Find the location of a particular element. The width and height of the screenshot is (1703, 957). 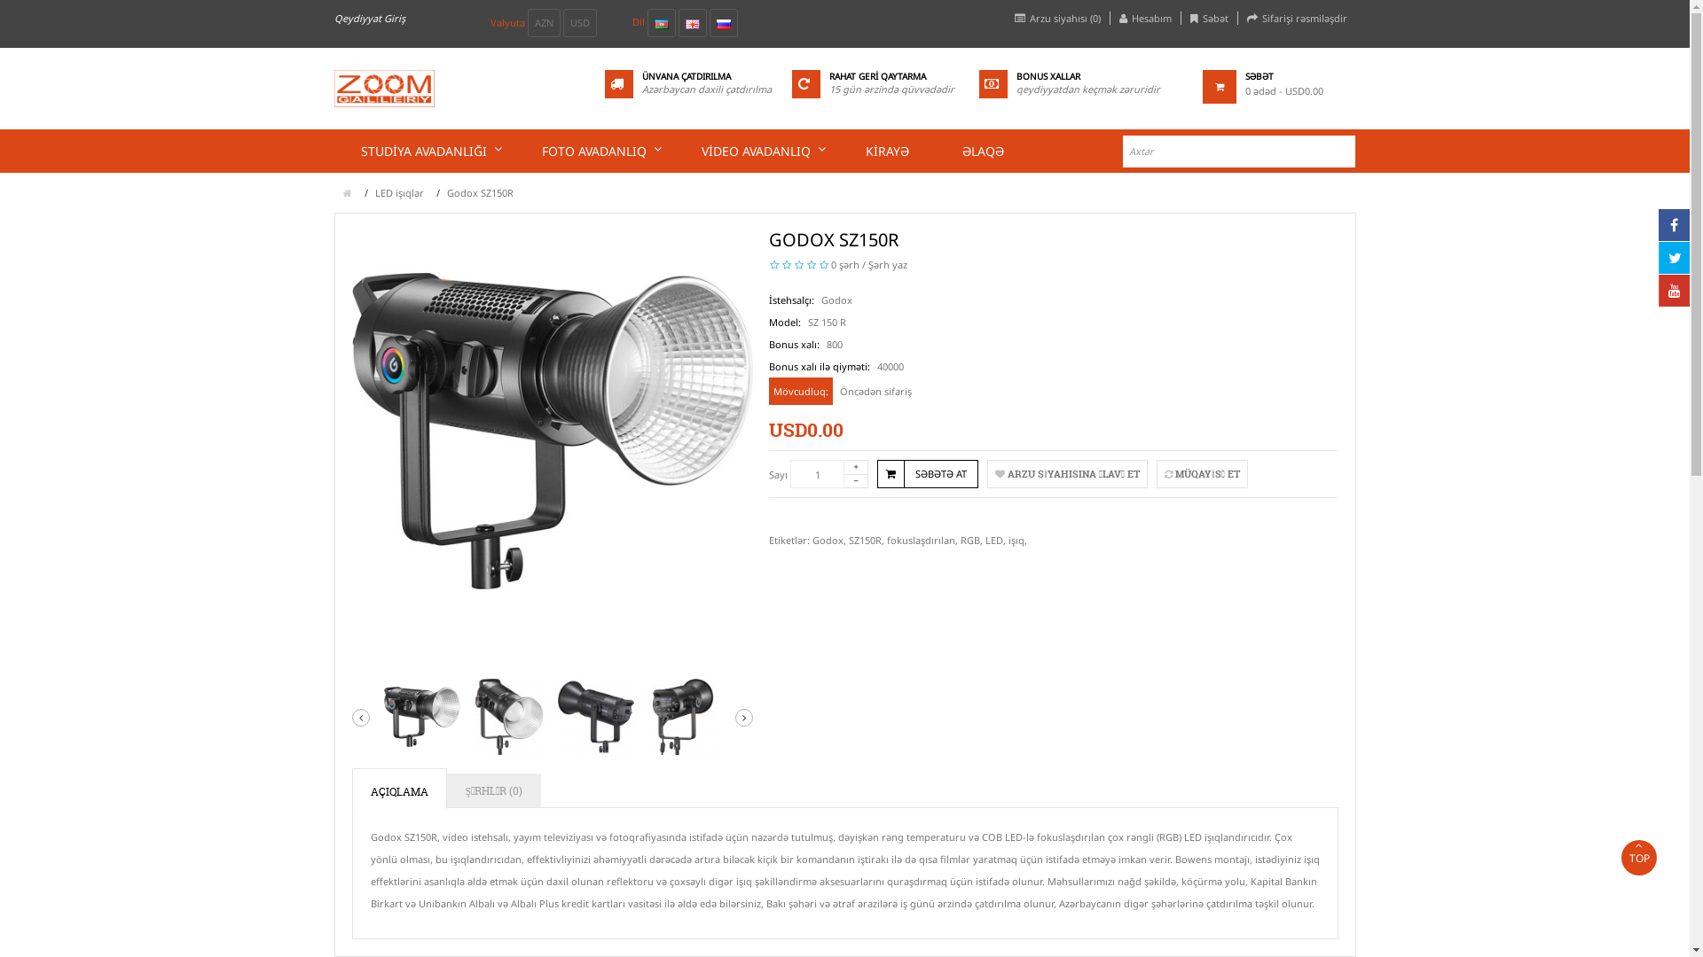

'USD' is located at coordinates (578, 23).